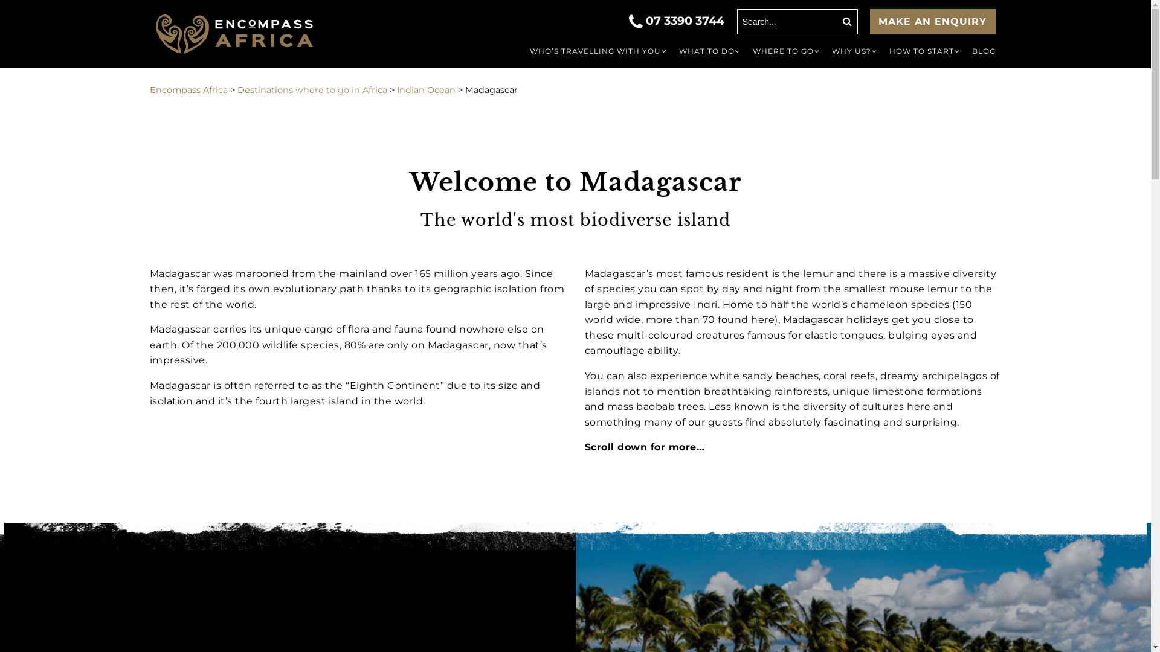 The image size is (1160, 652). Describe the element at coordinates (678, 21) in the screenshot. I see `'07 3390 3744'` at that location.